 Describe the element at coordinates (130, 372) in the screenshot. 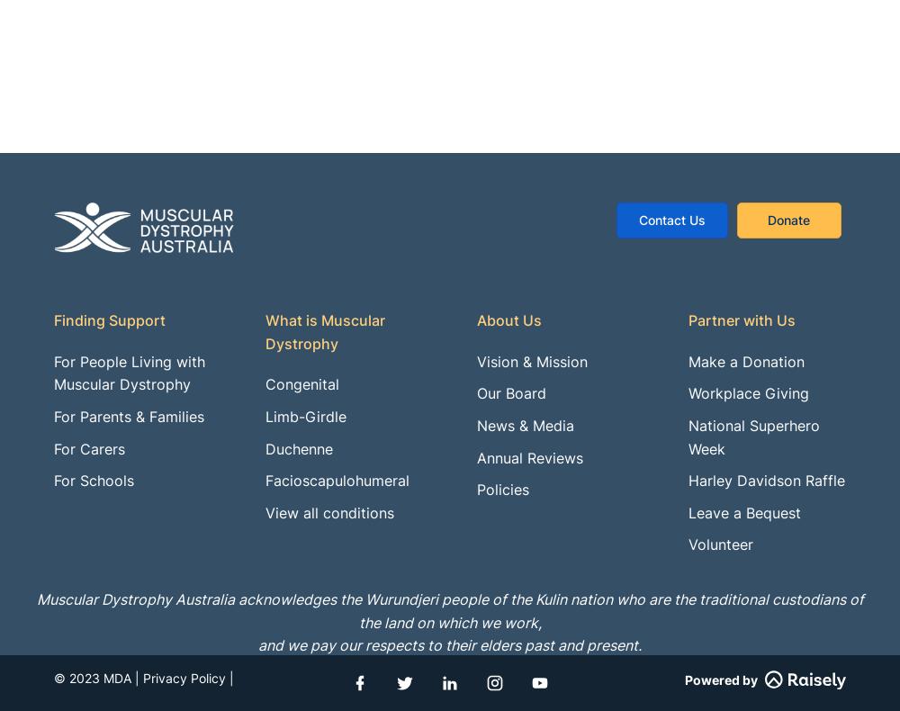

I see `'For People Living with Muscular Dystrophy'` at that location.